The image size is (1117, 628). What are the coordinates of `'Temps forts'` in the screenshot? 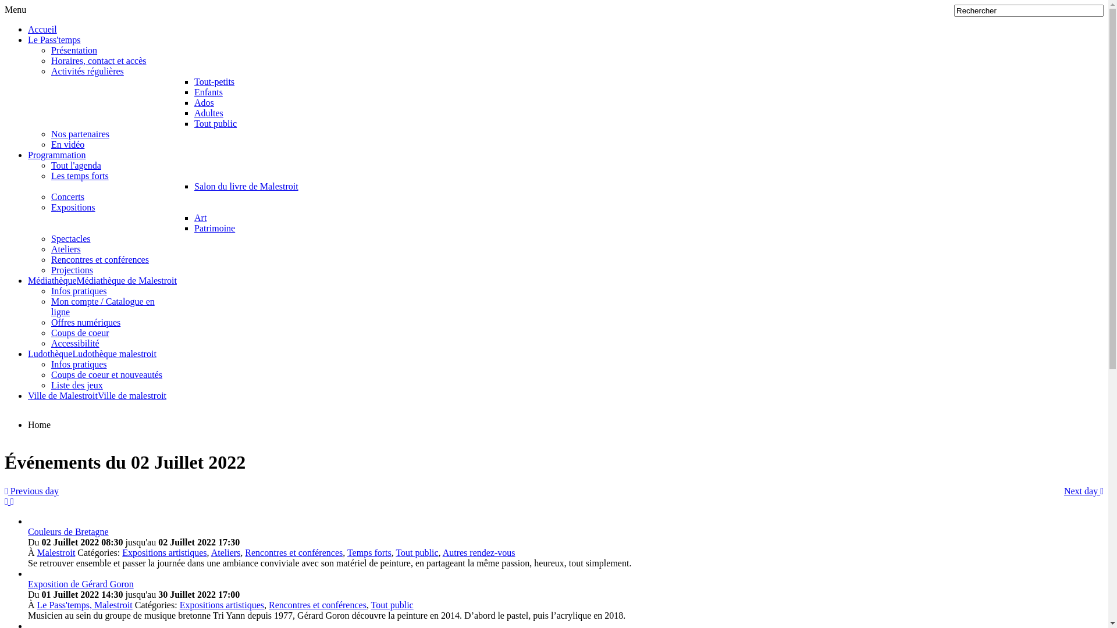 It's located at (368, 552).